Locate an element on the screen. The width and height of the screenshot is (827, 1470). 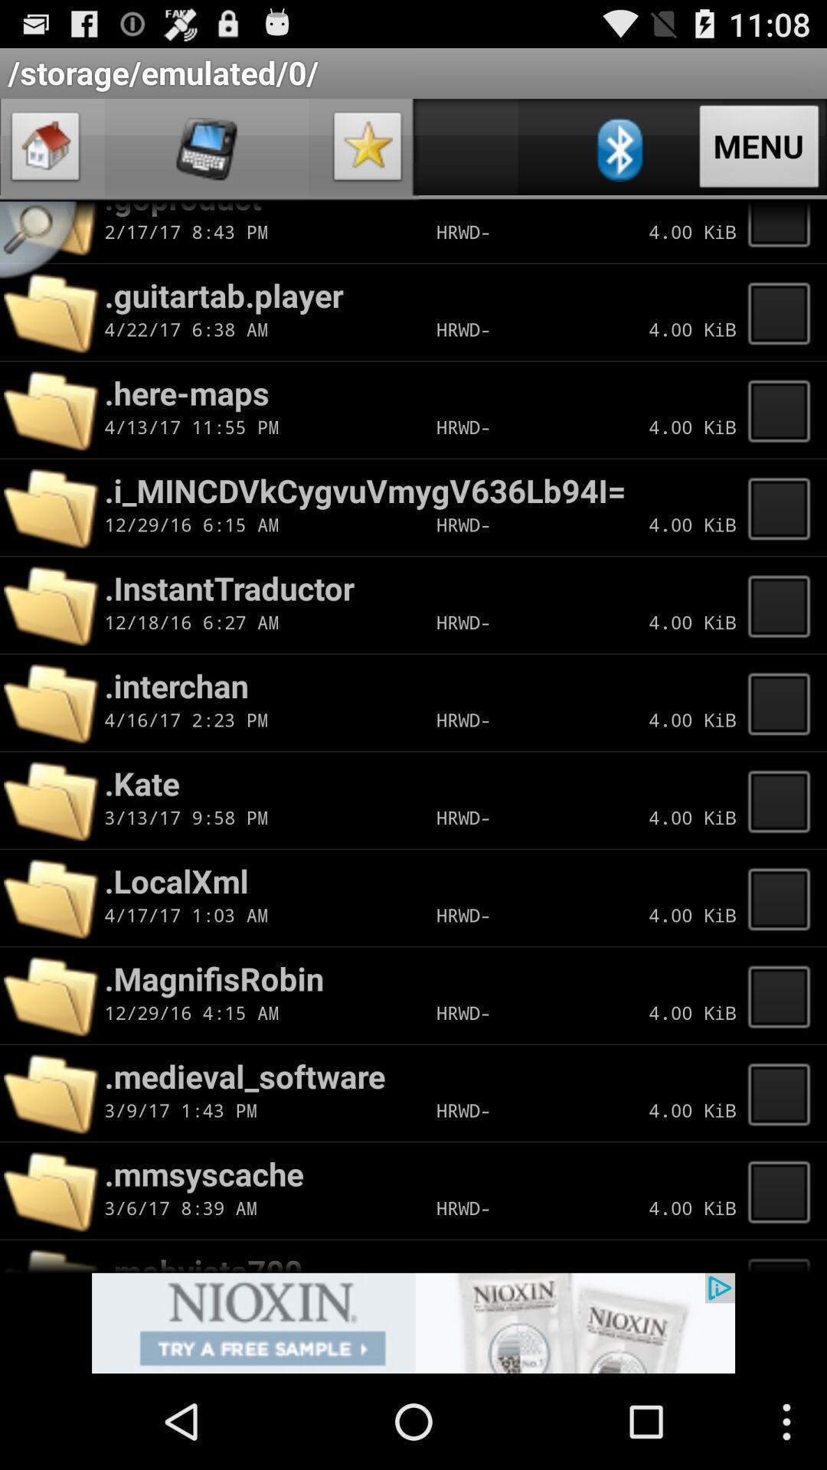
empty box option is located at coordinates (783, 410).